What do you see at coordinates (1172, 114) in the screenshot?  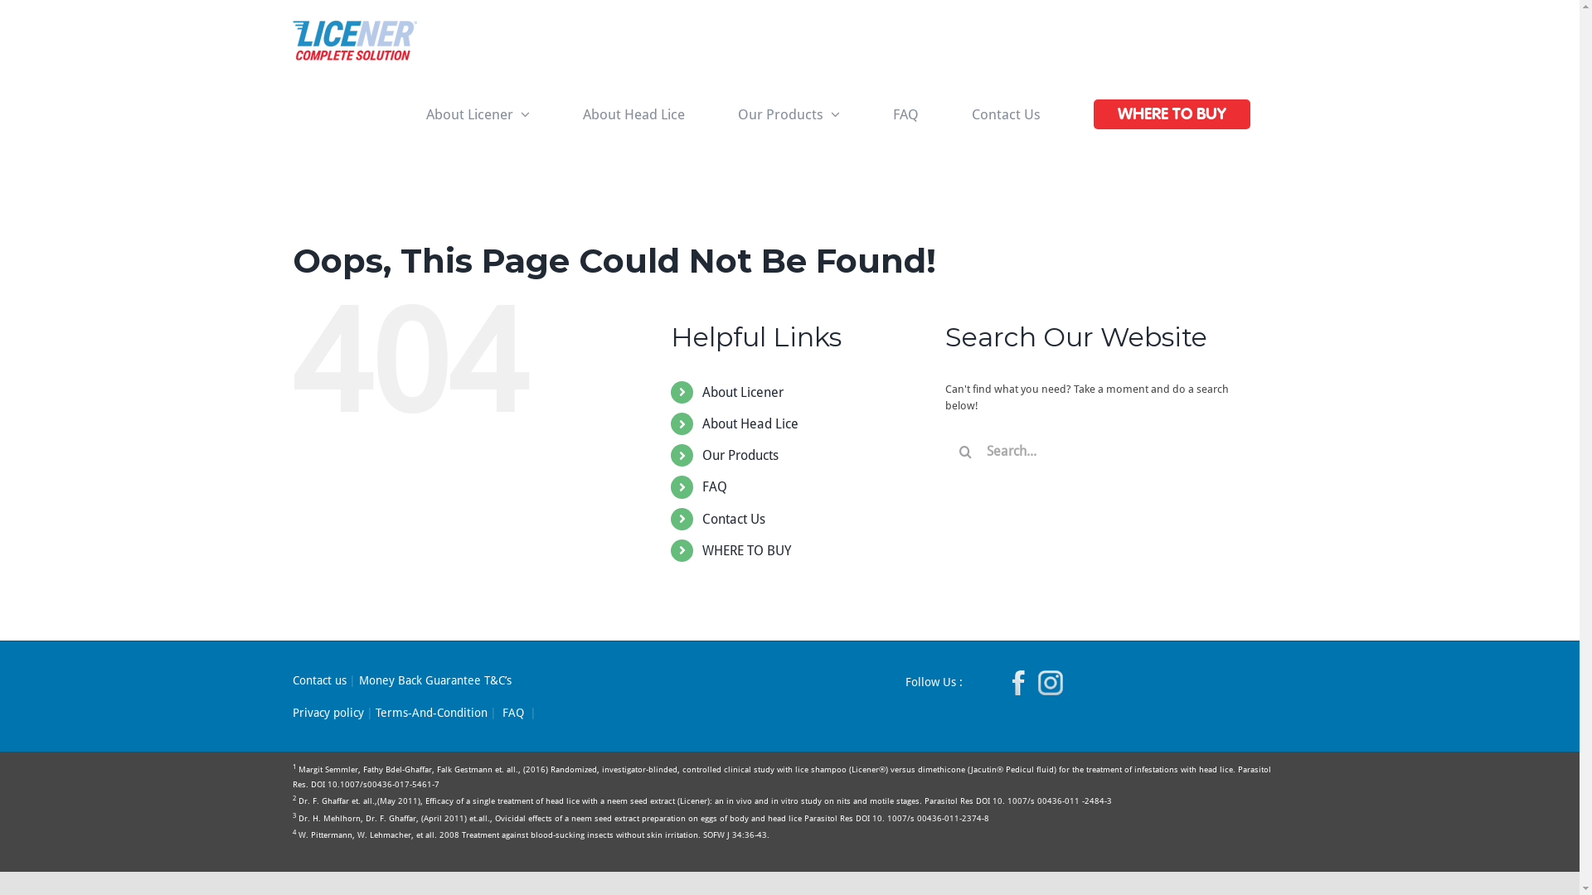 I see `'WHERE TO BUY'` at bounding box center [1172, 114].